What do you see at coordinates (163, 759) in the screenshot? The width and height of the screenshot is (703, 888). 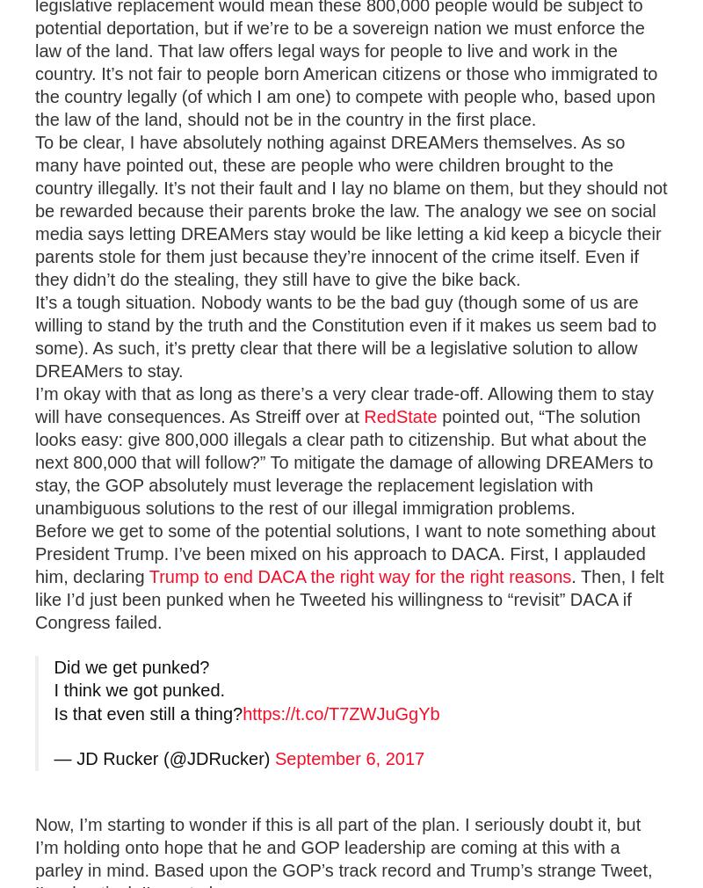 I see `'— JD Rucker (@JDRucker)'` at bounding box center [163, 759].